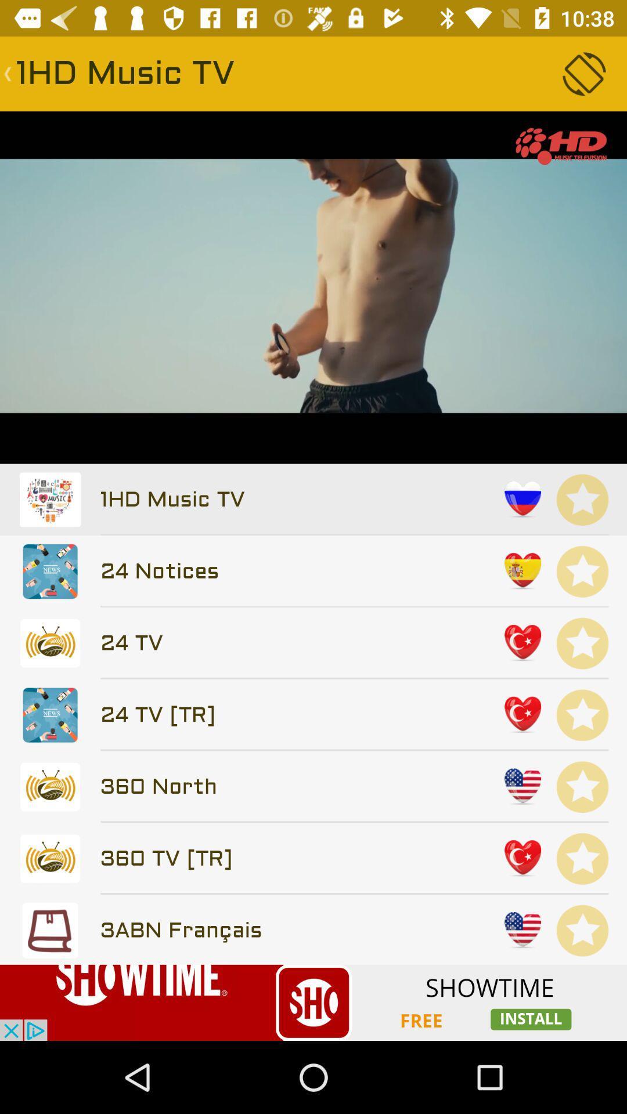 The width and height of the screenshot is (627, 1114). Describe the element at coordinates (313, 1002) in the screenshot. I see `banner advertisement` at that location.